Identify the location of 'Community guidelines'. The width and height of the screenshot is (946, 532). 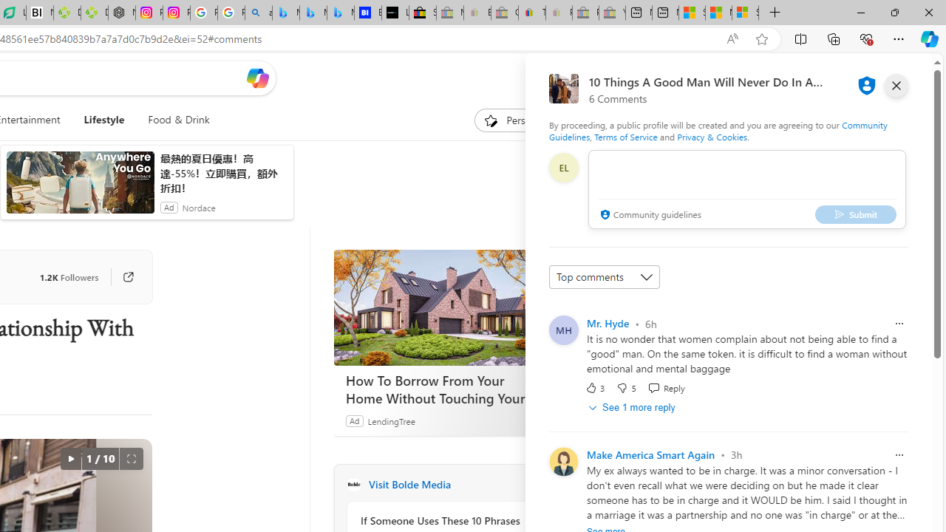
(649, 215).